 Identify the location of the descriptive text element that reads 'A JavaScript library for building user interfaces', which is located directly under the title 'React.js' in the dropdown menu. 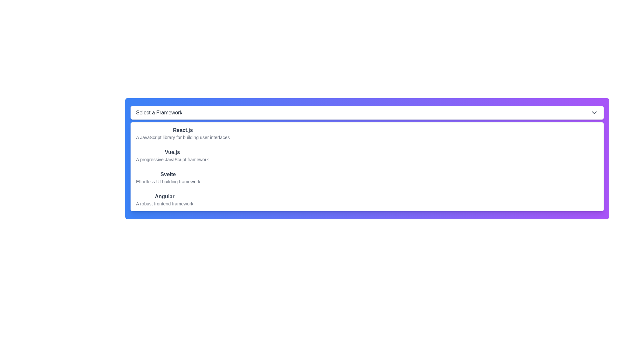
(182, 137).